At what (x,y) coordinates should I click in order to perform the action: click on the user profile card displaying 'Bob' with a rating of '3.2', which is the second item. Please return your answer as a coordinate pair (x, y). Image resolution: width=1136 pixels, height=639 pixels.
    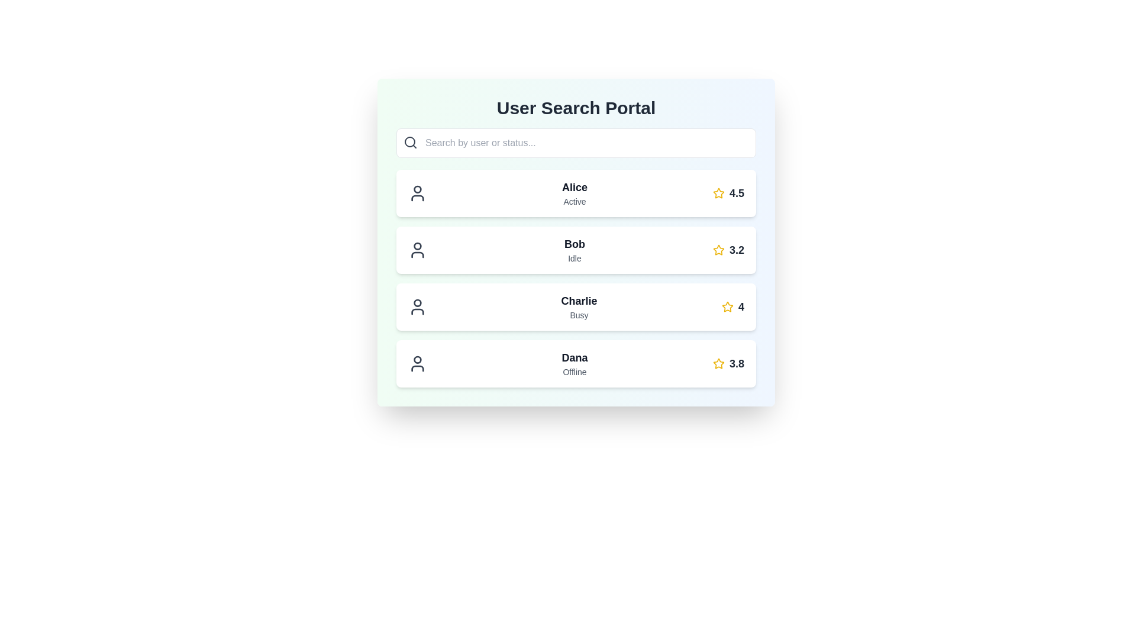
    Looking at the image, I should click on (576, 250).